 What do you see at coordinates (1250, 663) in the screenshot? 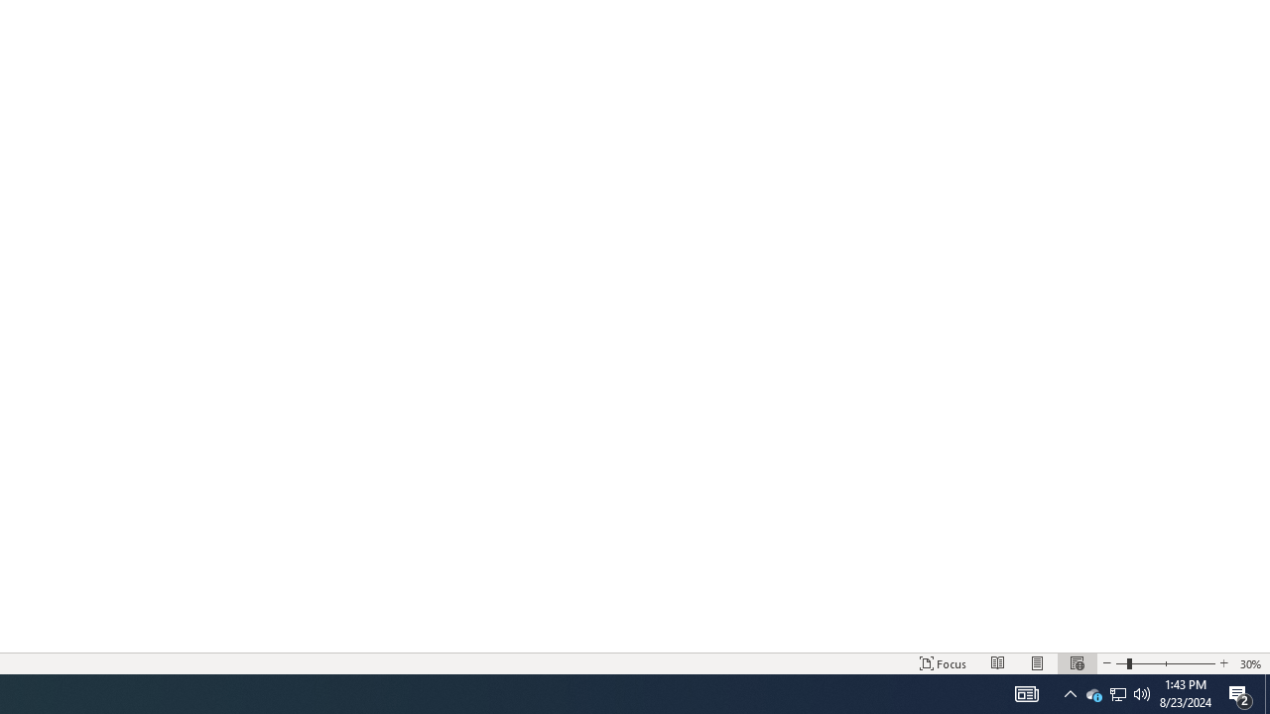
I see `'Zoom 30%'` at bounding box center [1250, 663].